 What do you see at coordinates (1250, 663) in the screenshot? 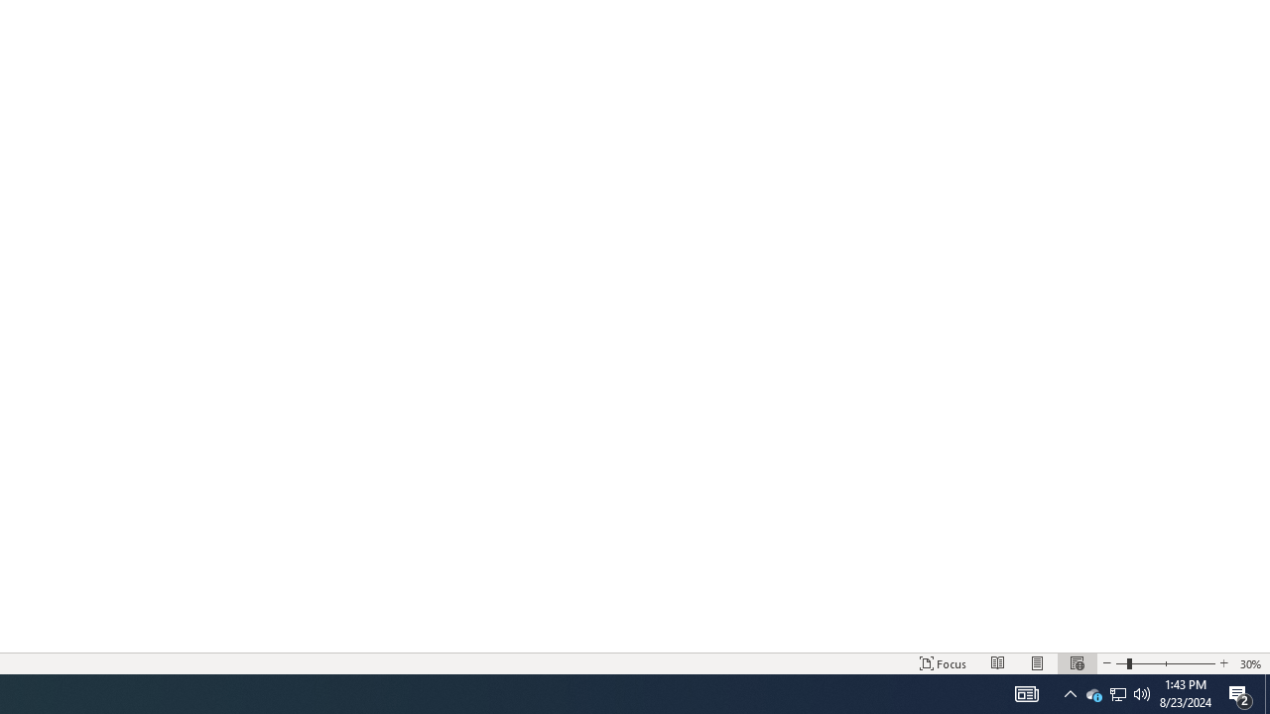
I see `'Zoom 30%'` at bounding box center [1250, 663].